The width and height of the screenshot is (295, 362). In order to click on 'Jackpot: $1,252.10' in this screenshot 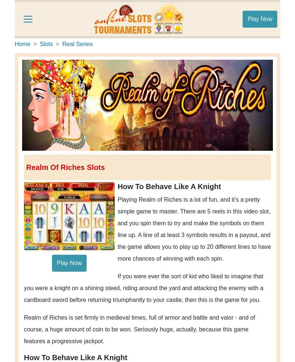, I will do `click(218, 296)`.